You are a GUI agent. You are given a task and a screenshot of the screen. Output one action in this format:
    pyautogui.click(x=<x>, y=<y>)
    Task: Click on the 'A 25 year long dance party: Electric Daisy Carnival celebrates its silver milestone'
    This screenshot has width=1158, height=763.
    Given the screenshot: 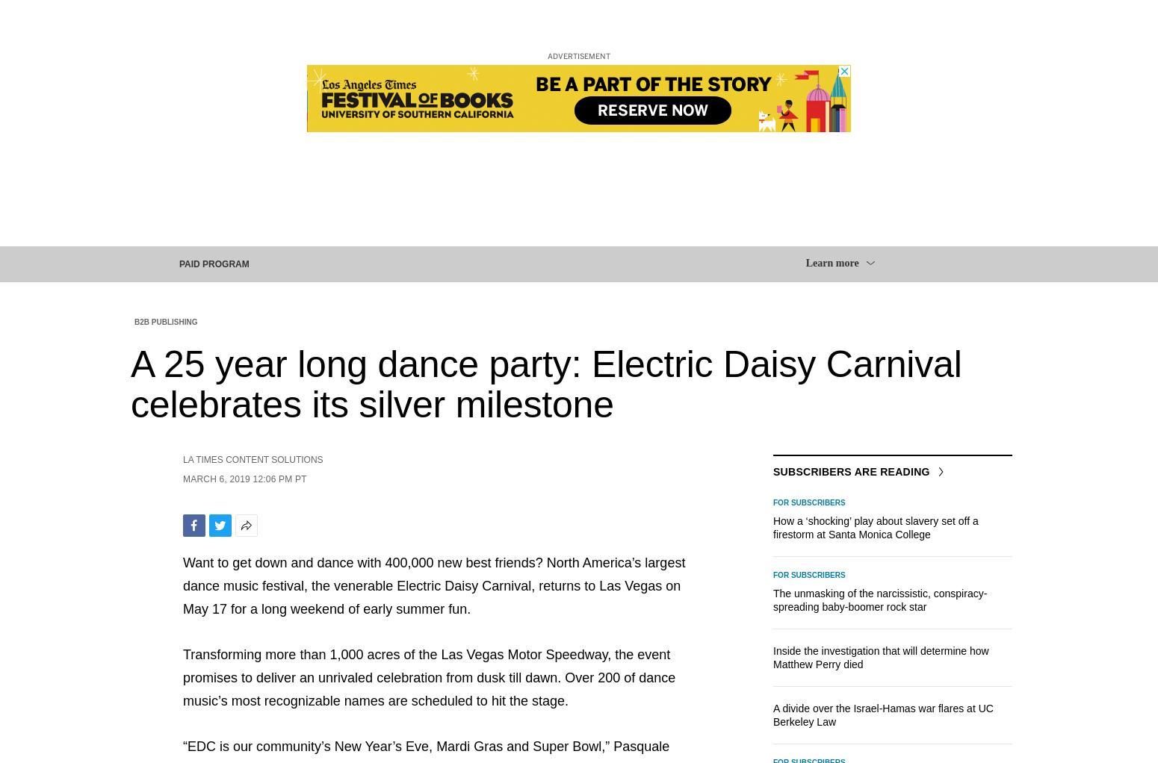 What is the action you would take?
    pyautogui.click(x=129, y=383)
    